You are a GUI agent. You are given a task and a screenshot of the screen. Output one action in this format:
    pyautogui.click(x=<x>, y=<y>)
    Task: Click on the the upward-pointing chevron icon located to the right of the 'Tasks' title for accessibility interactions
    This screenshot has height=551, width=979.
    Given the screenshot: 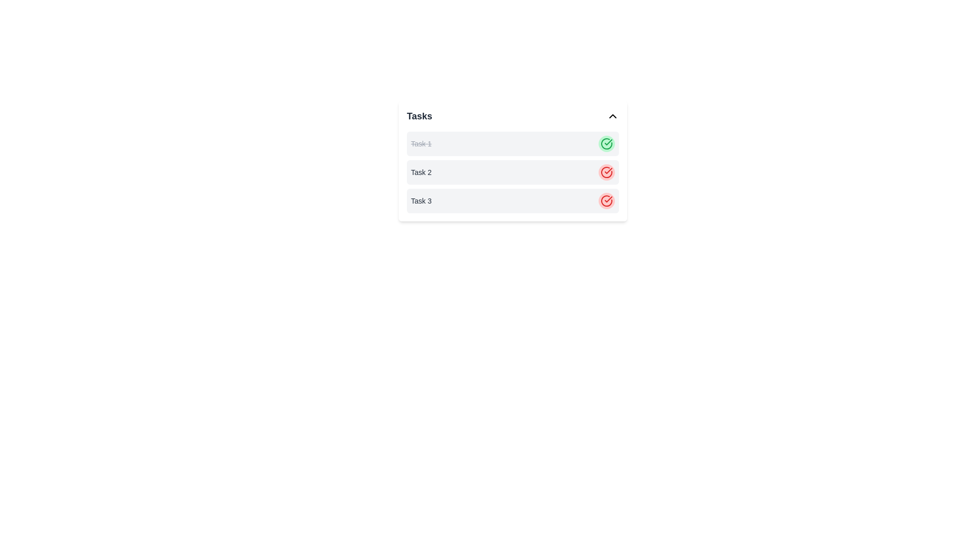 What is the action you would take?
    pyautogui.click(x=612, y=115)
    